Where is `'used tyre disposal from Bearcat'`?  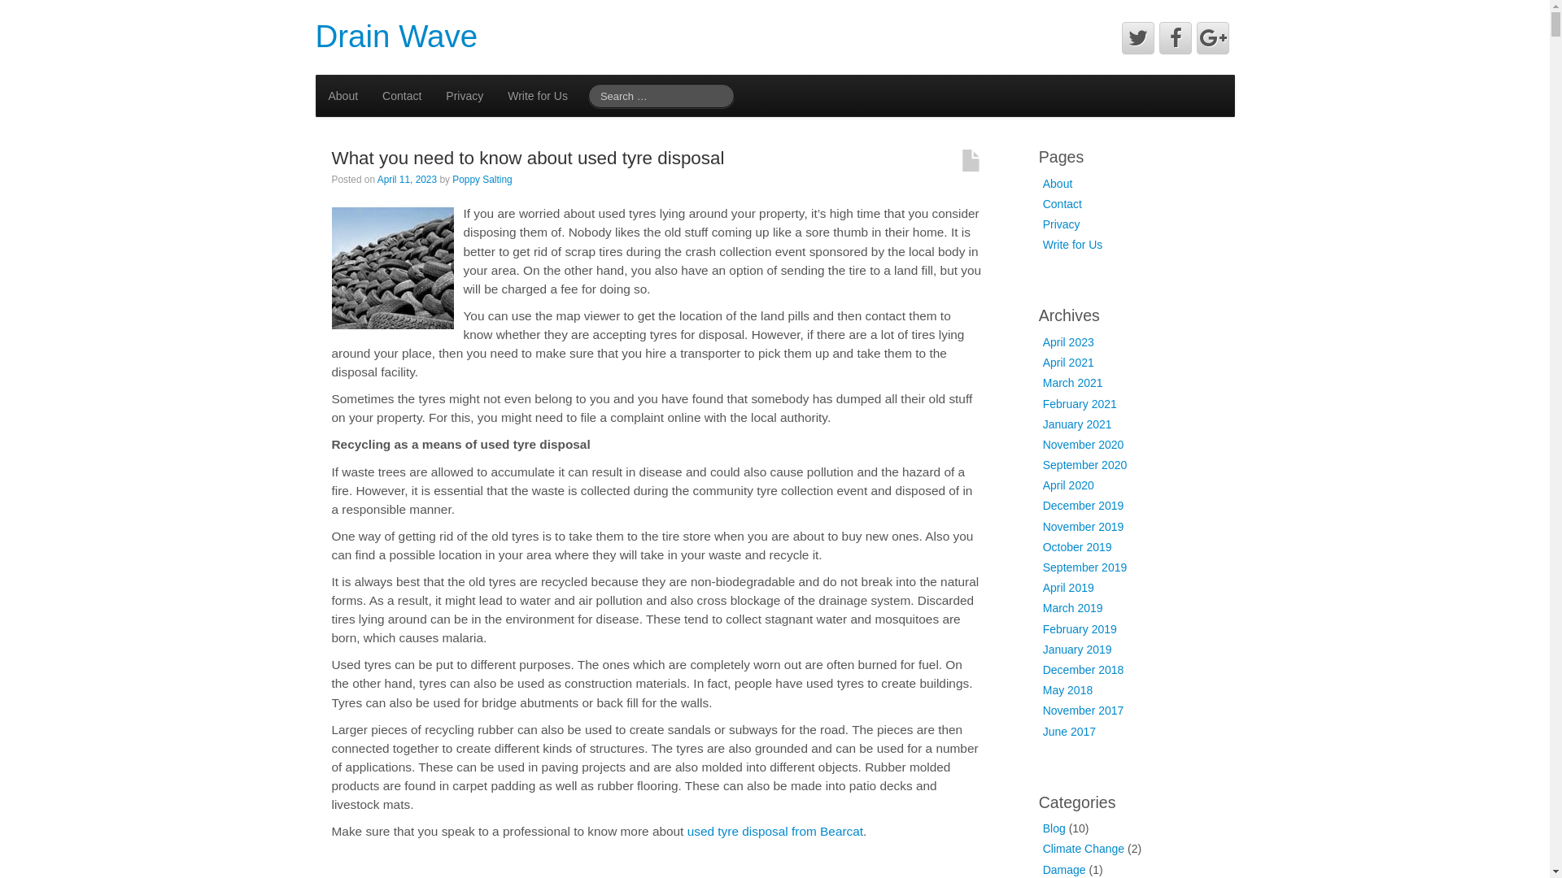 'used tyre disposal from Bearcat' is located at coordinates (687, 831).